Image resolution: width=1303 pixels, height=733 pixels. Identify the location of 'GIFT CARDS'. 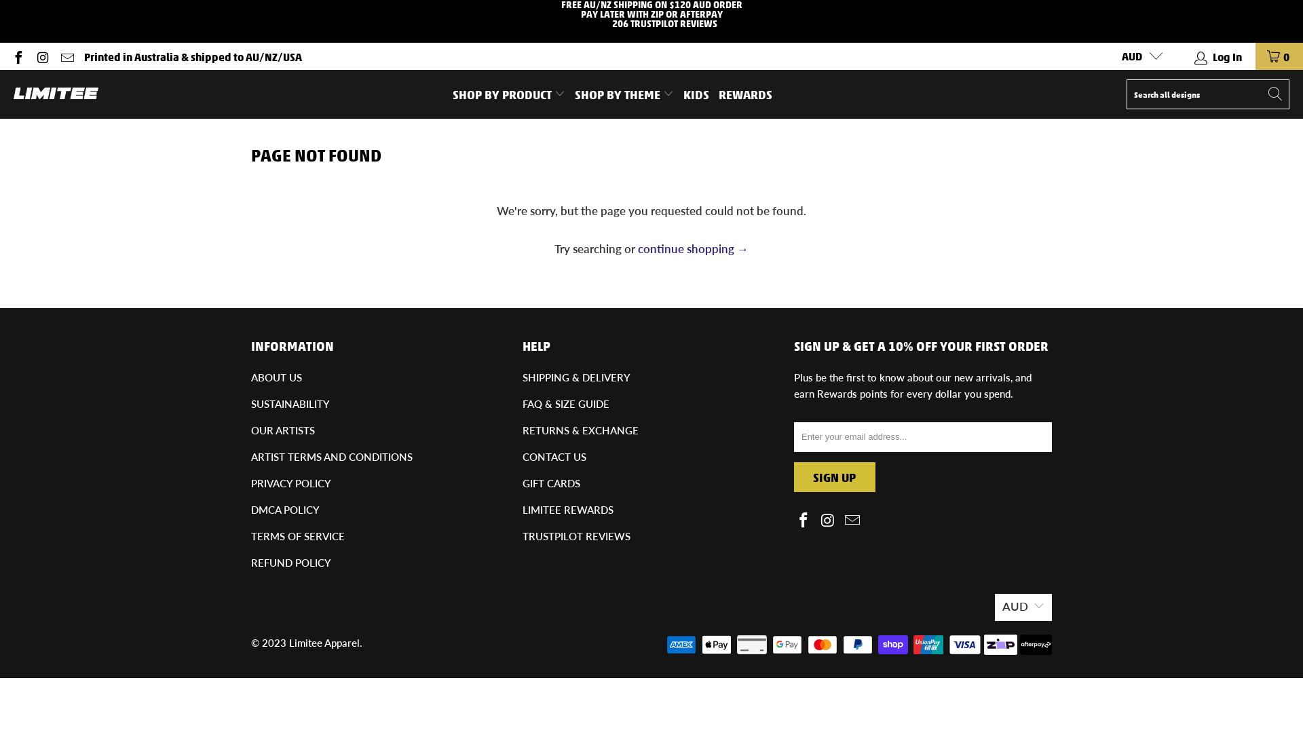
(551, 483).